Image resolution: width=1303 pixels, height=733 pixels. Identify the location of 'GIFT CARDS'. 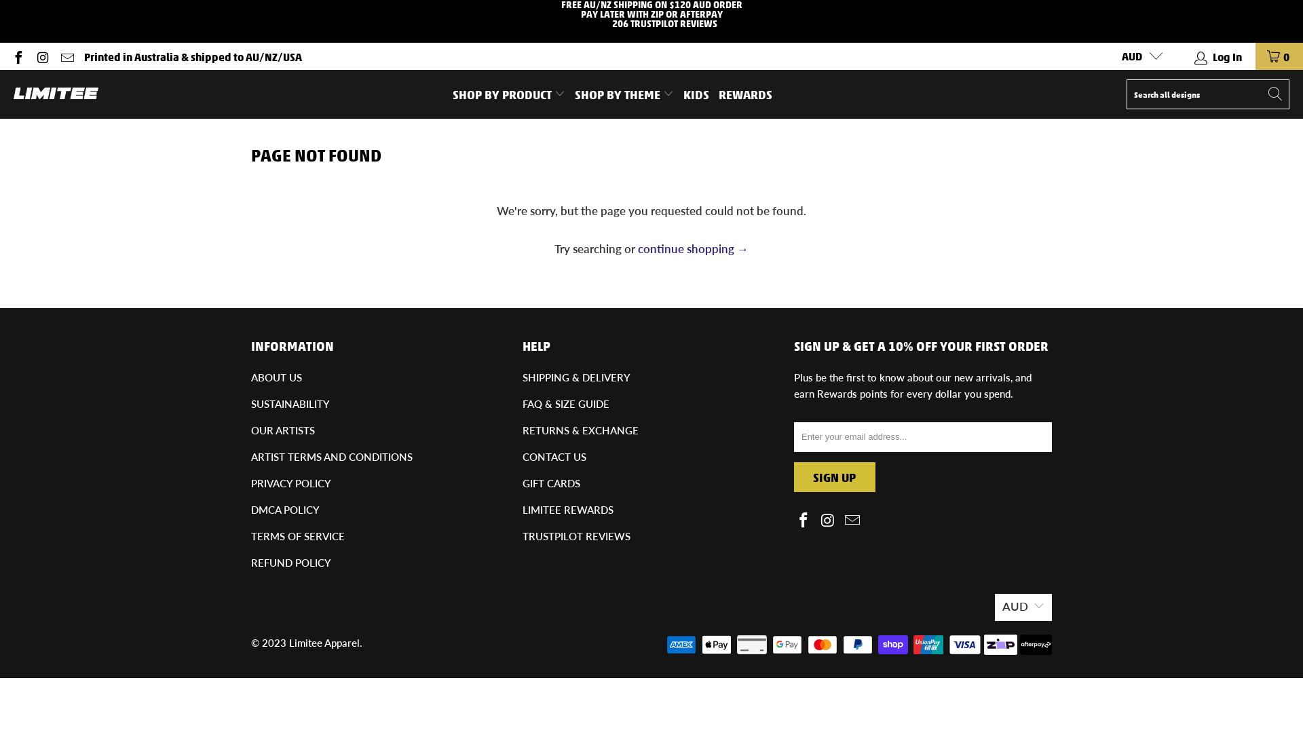
(551, 483).